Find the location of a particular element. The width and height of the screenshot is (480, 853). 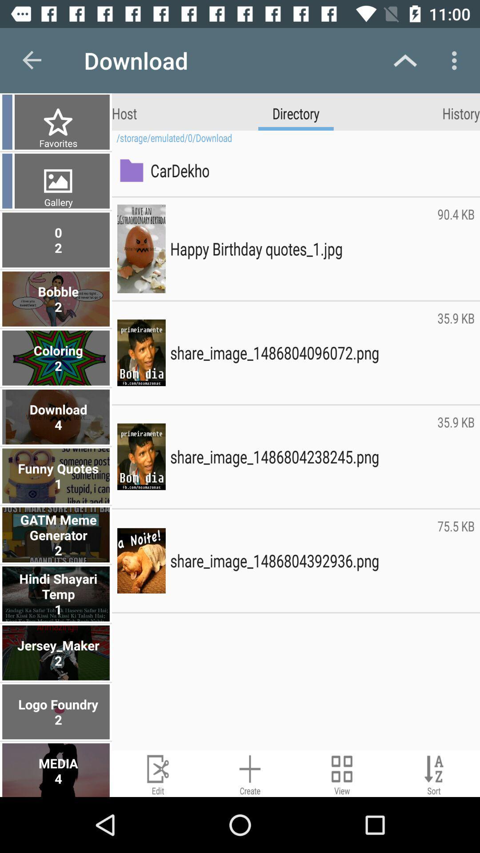

change view is located at coordinates (341, 773).